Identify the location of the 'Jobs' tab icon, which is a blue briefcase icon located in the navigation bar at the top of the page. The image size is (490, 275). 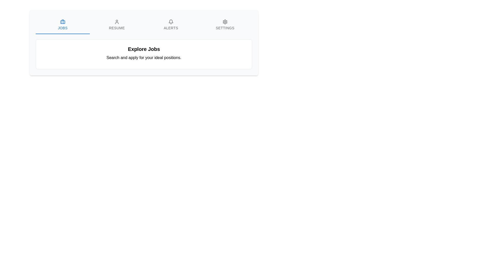
(62, 21).